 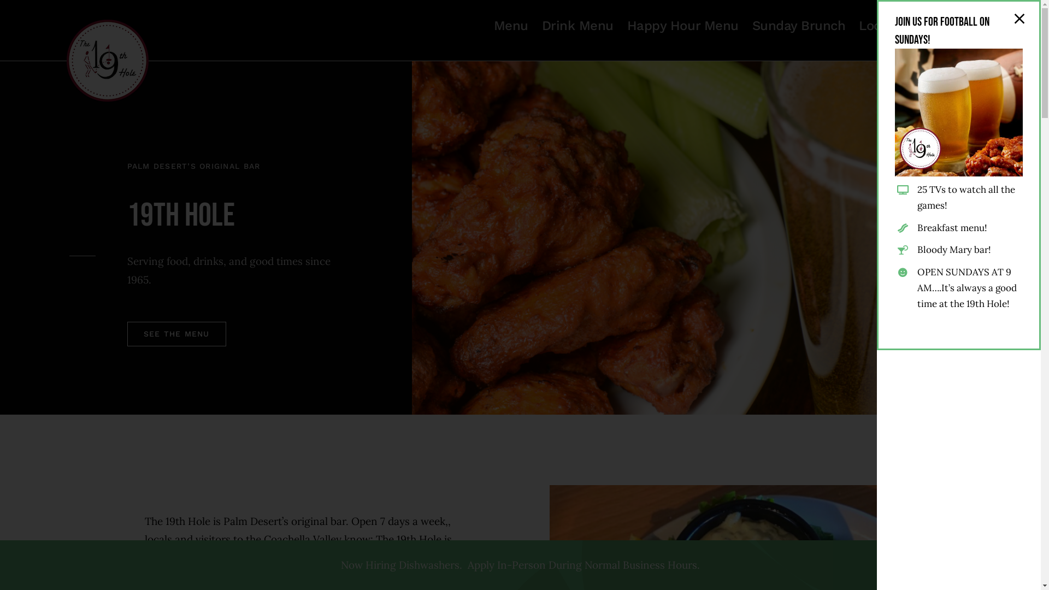 I want to click on 'Sunday Brunch', so click(x=799, y=25).